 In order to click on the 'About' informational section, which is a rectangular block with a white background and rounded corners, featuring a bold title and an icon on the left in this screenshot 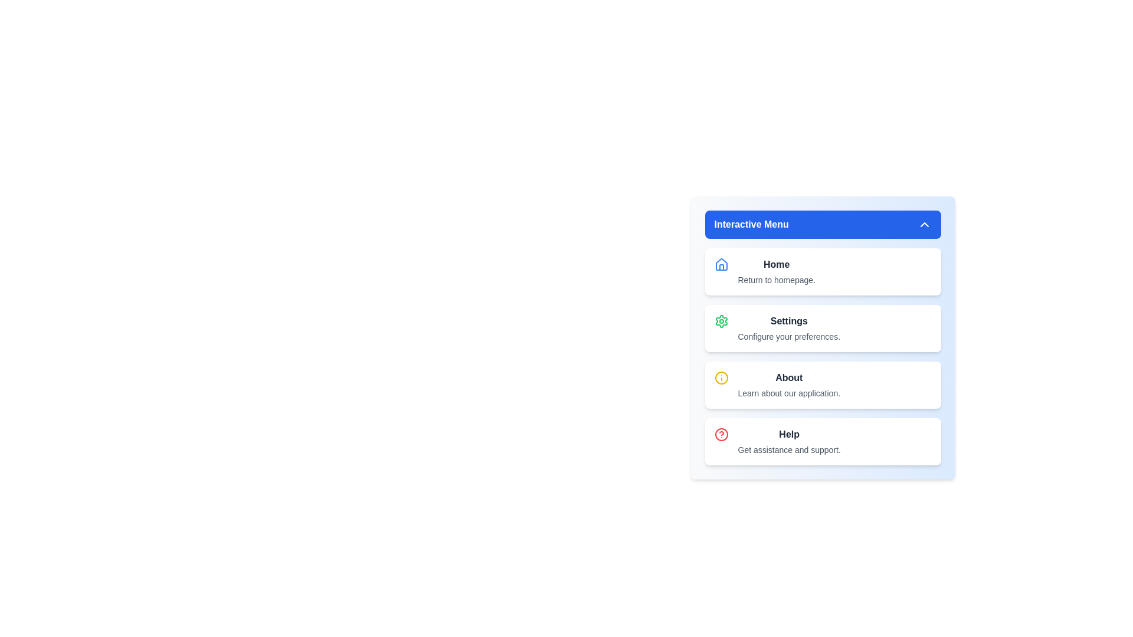, I will do `click(822, 385)`.